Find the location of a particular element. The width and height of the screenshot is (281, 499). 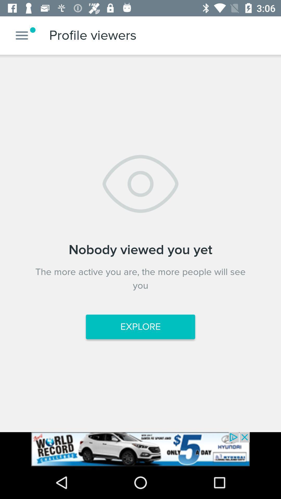

advertisement page is located at coordinates (140, 449).